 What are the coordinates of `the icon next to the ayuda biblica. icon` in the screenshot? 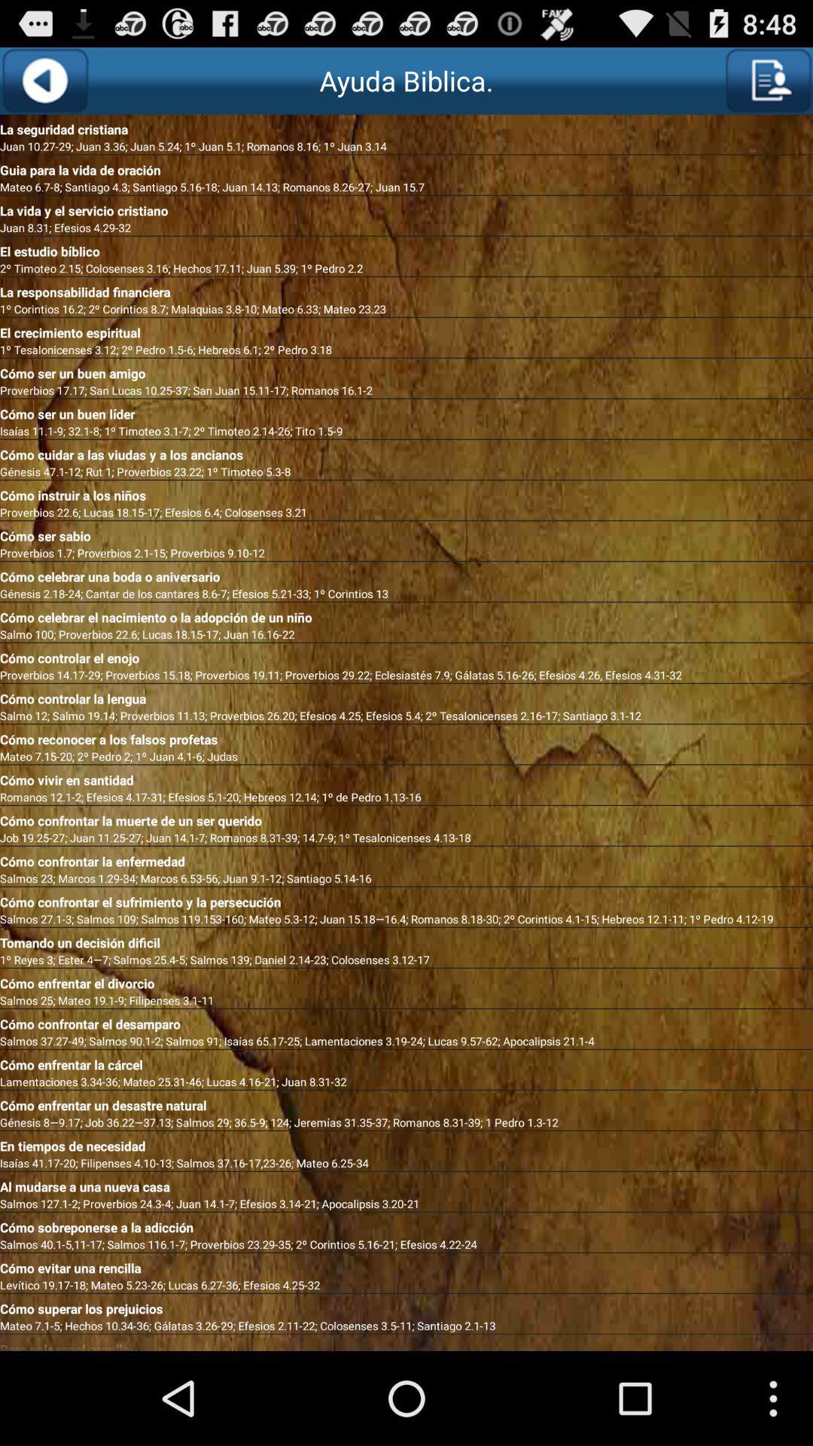 It's located at (44, 80).